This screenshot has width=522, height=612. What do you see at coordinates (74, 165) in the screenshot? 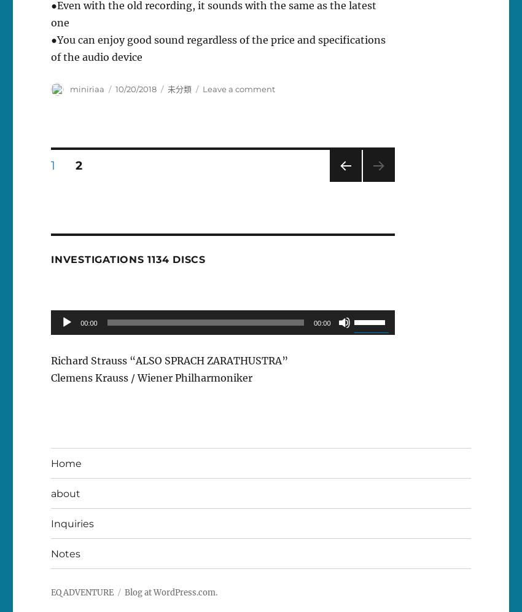
I see `'2'` at bounding box center [74, 165].